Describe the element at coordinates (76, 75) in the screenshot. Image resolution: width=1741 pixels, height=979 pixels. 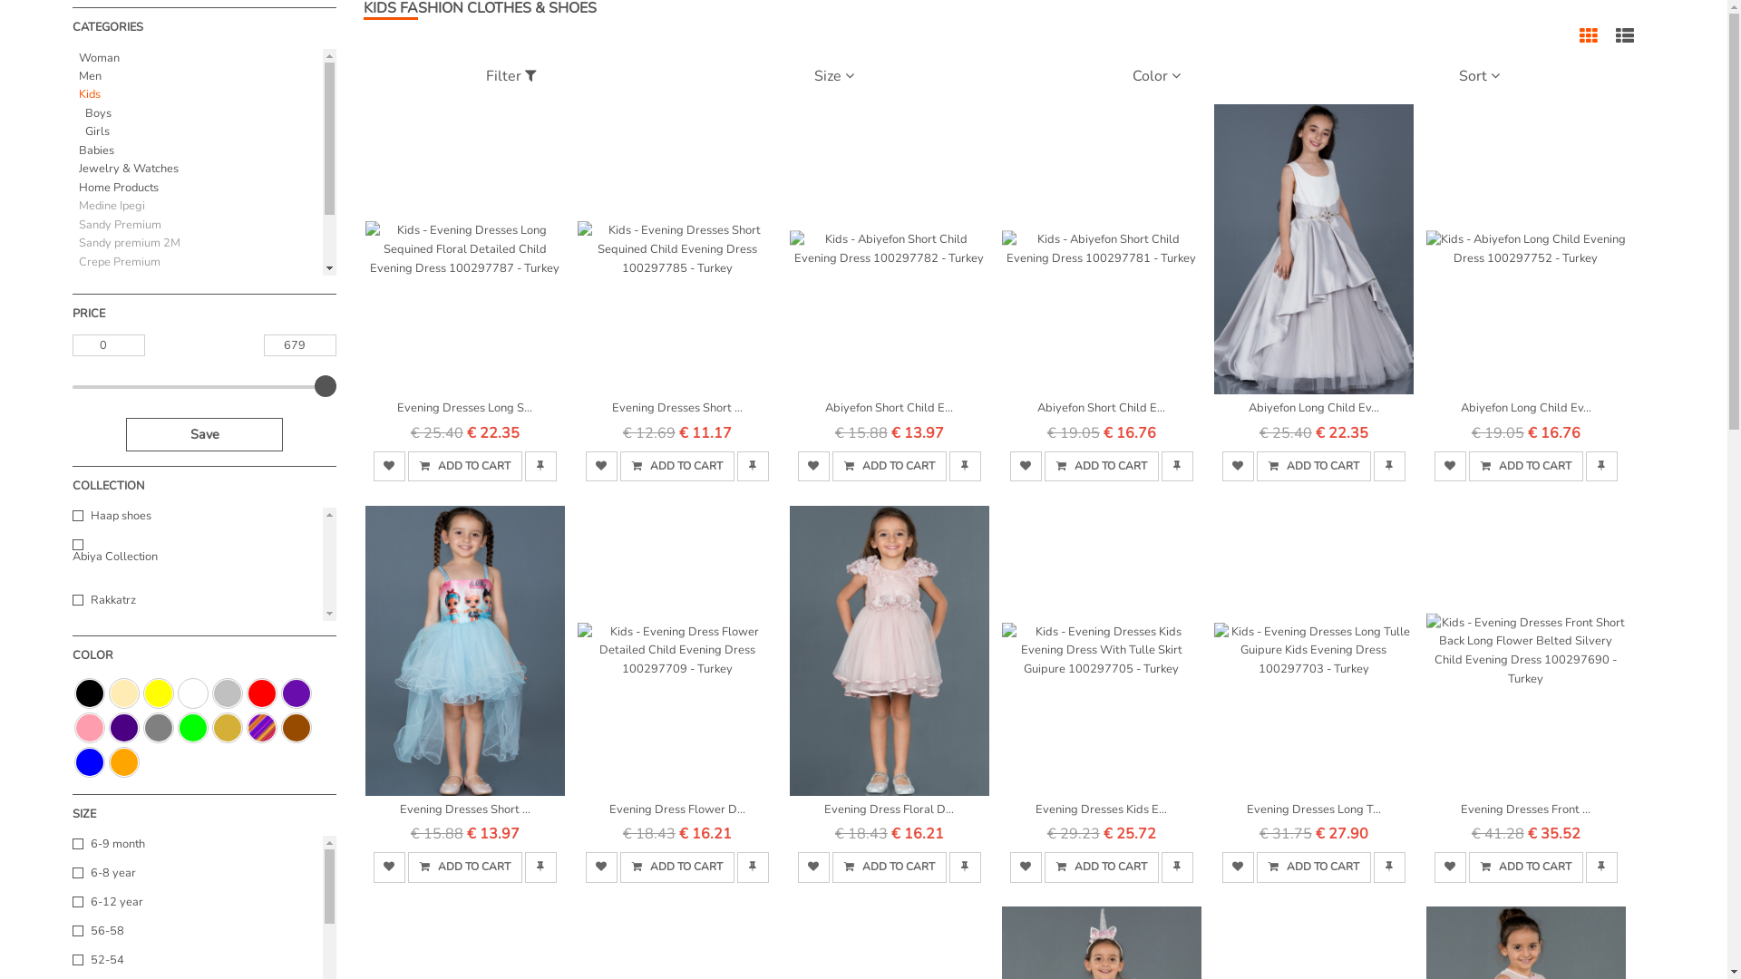
I see `'Men'` at that location.